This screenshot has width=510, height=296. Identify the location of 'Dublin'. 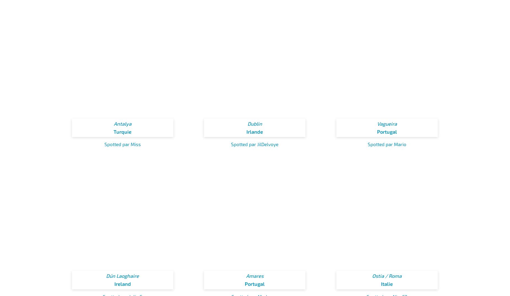
(254, 123).